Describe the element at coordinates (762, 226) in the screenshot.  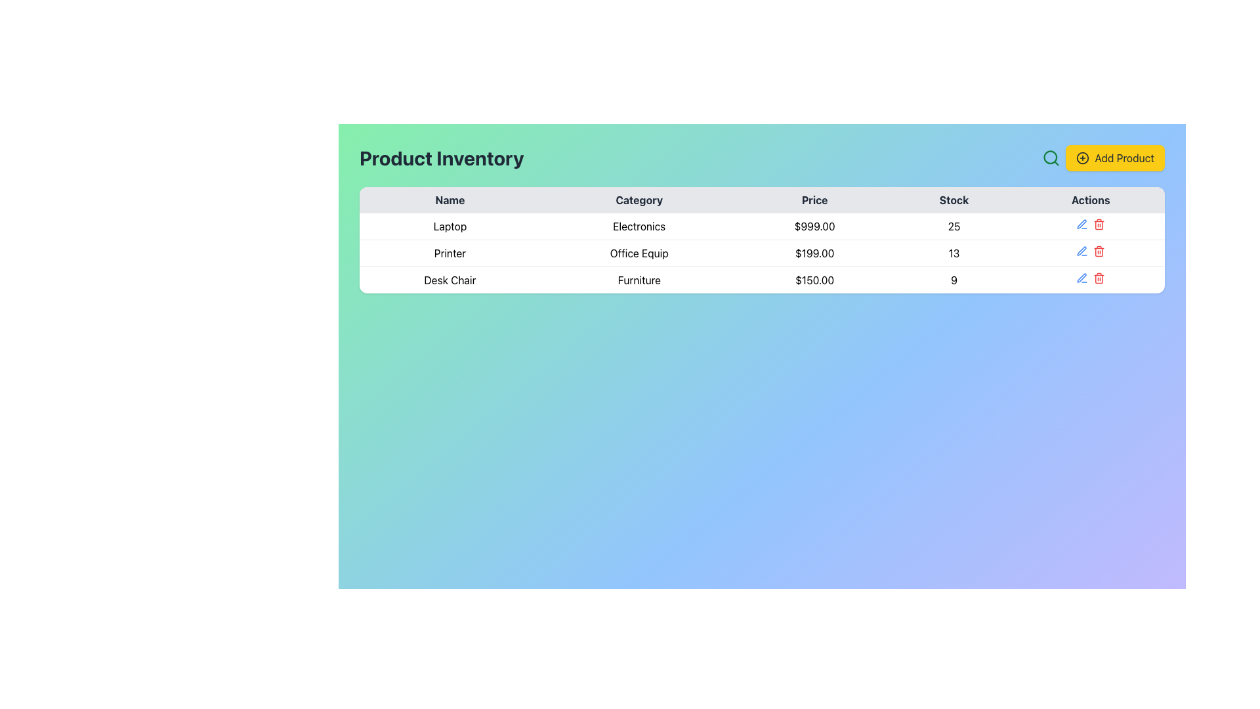
I see `the second row of the 'Product Inventory' table displaying product information including 'Laptop', 'Electronics', and '$999.00'` at that location.